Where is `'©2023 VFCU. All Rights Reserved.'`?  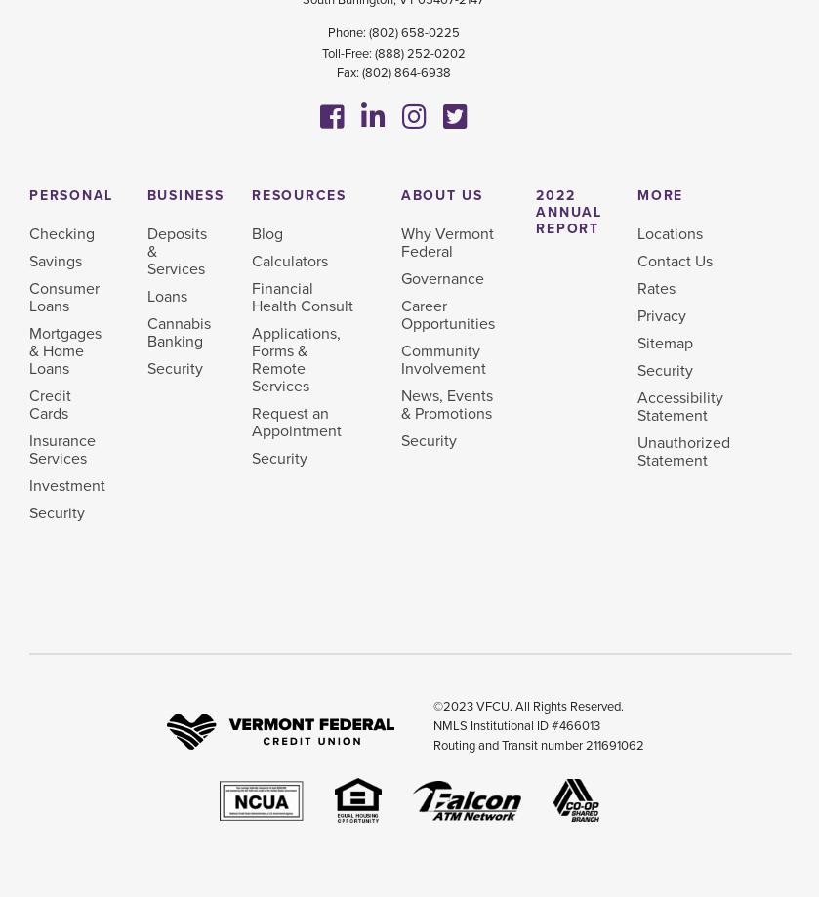
'©2023 VFCU. All Rights Reserved.' is located at coordinates (431, 705).